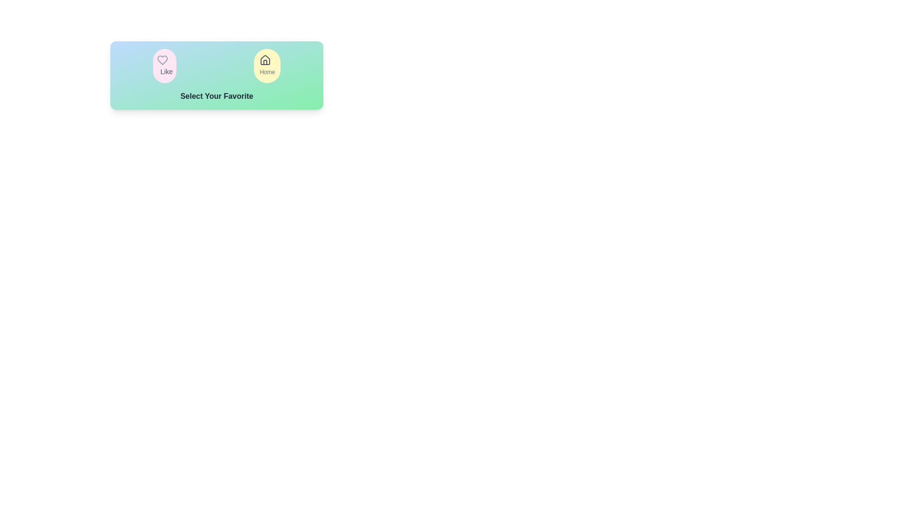  Describe the element at coordinates (265, 60) in the screenshot. I see `the house icon within the rounded button labeled 'Home', which has a gray stroke and a yellow background` at that location.